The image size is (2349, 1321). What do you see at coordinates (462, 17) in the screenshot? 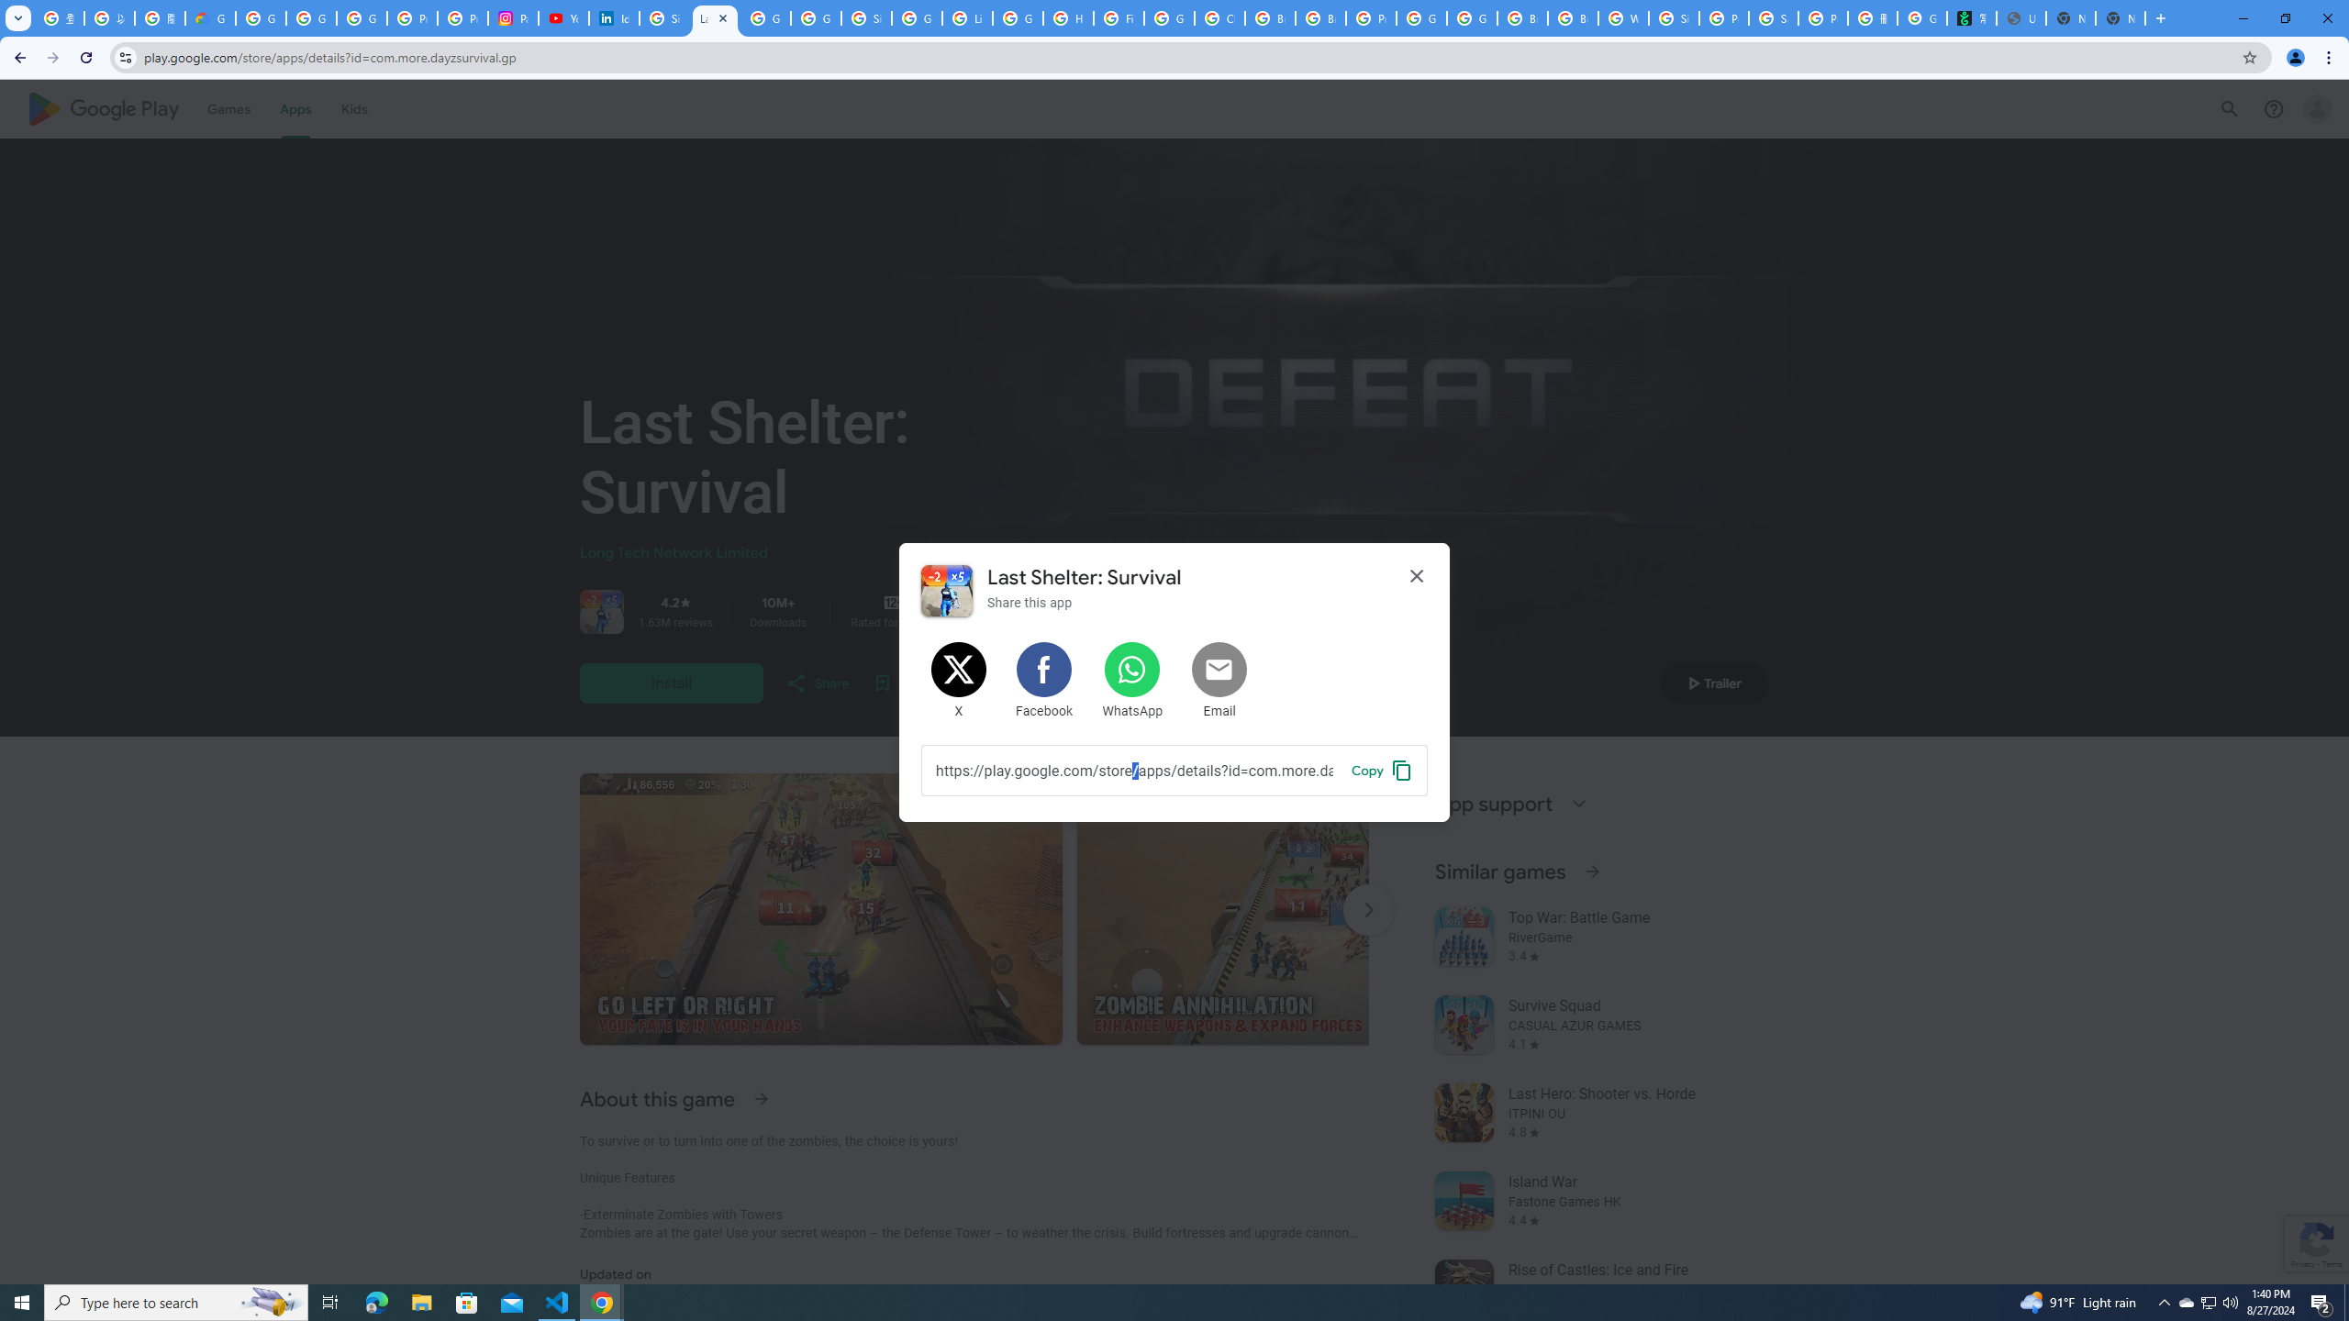
I see `'Privacy Help Center - Policies Help'` at bounding box center [462, 17].